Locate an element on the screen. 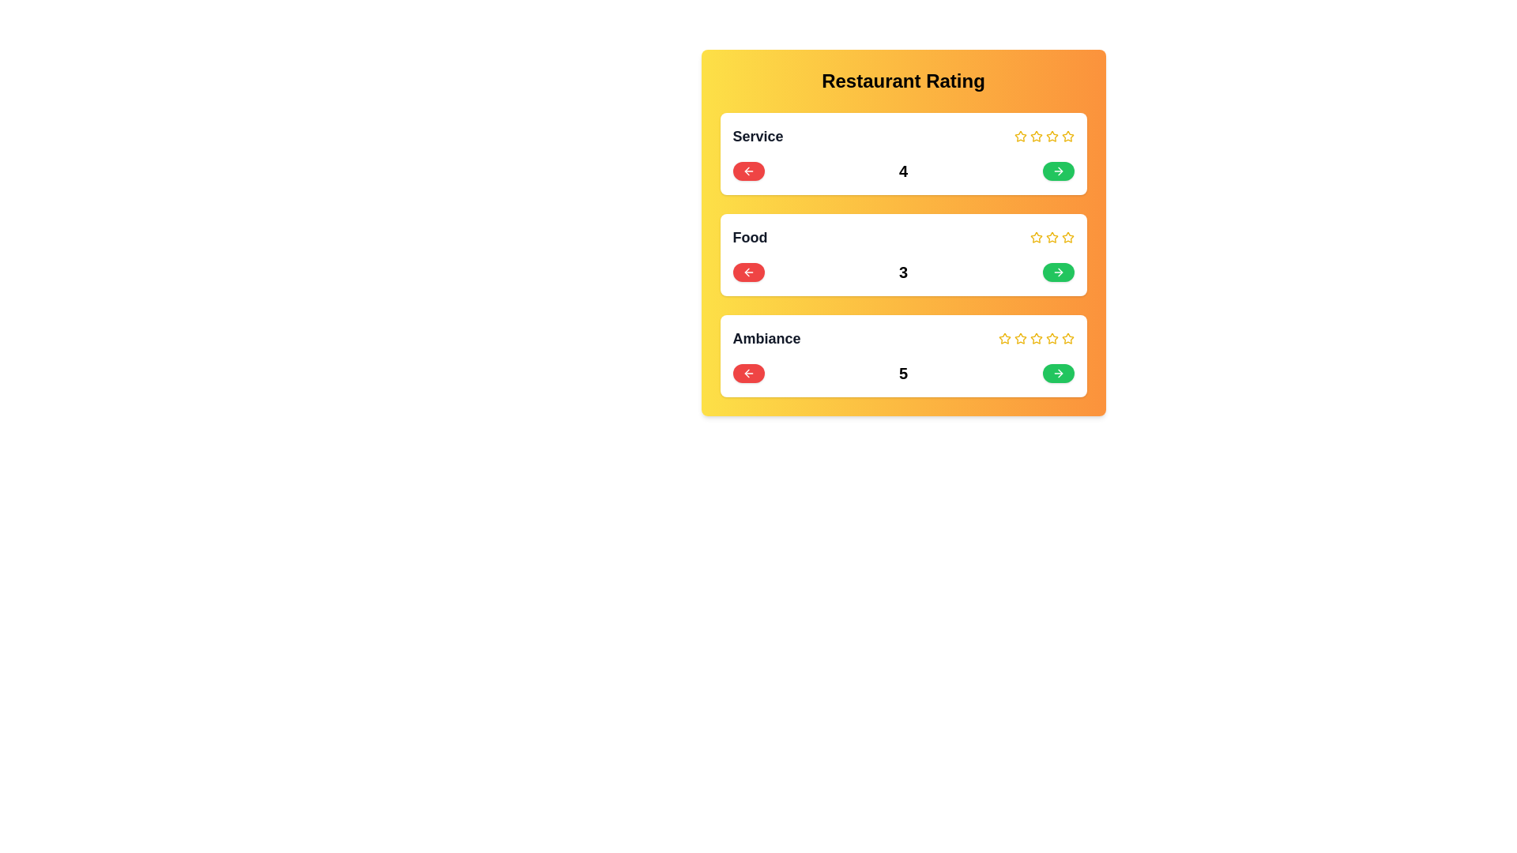  the leftmost rating star icon, which is a golden-yellow outlined star in the service rating row, to indicate a rating is located at coordinates (1020, 136).